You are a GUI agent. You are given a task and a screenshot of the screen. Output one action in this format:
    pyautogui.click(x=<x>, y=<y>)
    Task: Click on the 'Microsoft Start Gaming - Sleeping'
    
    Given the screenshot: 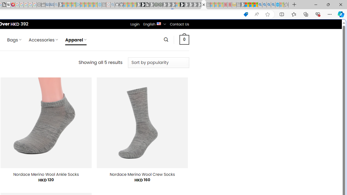 What is the action you would take?
    pyautogui.click(x=61, y=5)
    